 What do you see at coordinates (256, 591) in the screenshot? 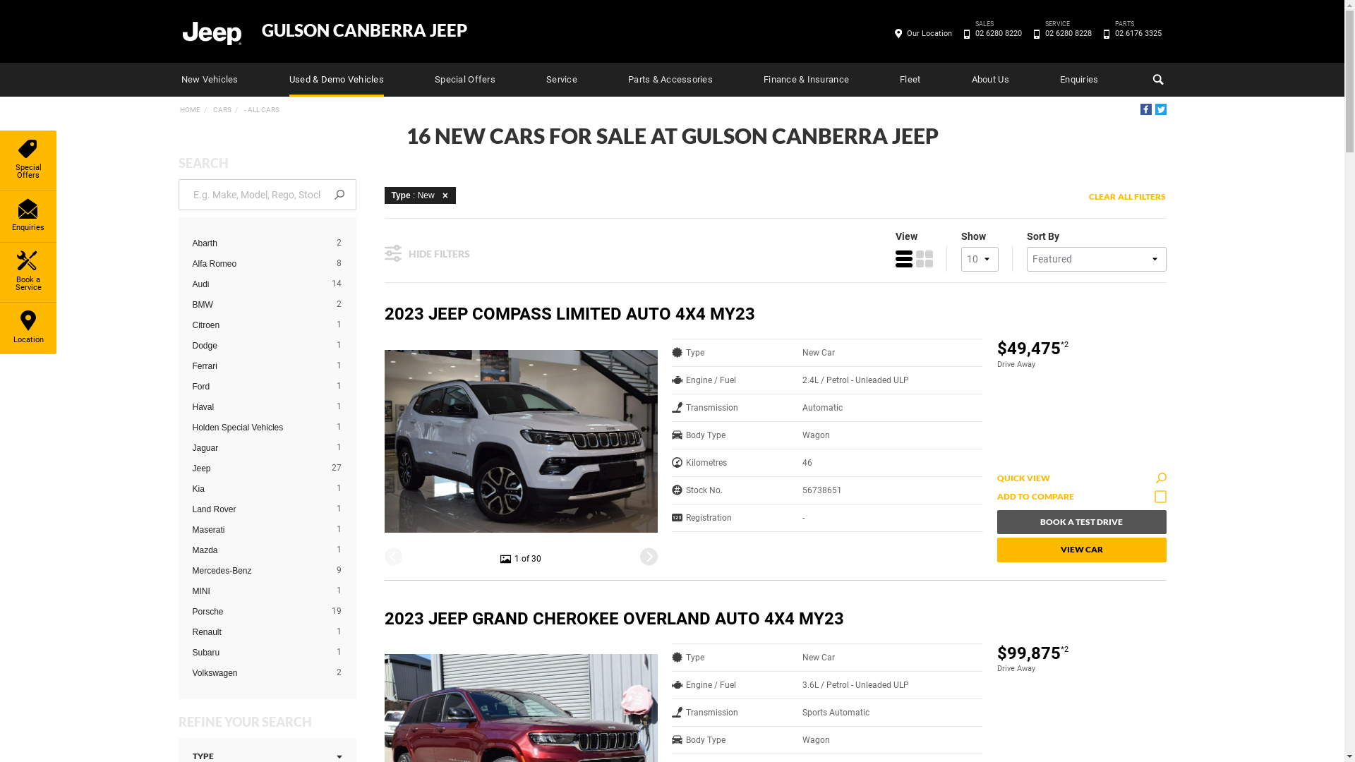
I see `'MINI'` at bounding box center [256, 591].